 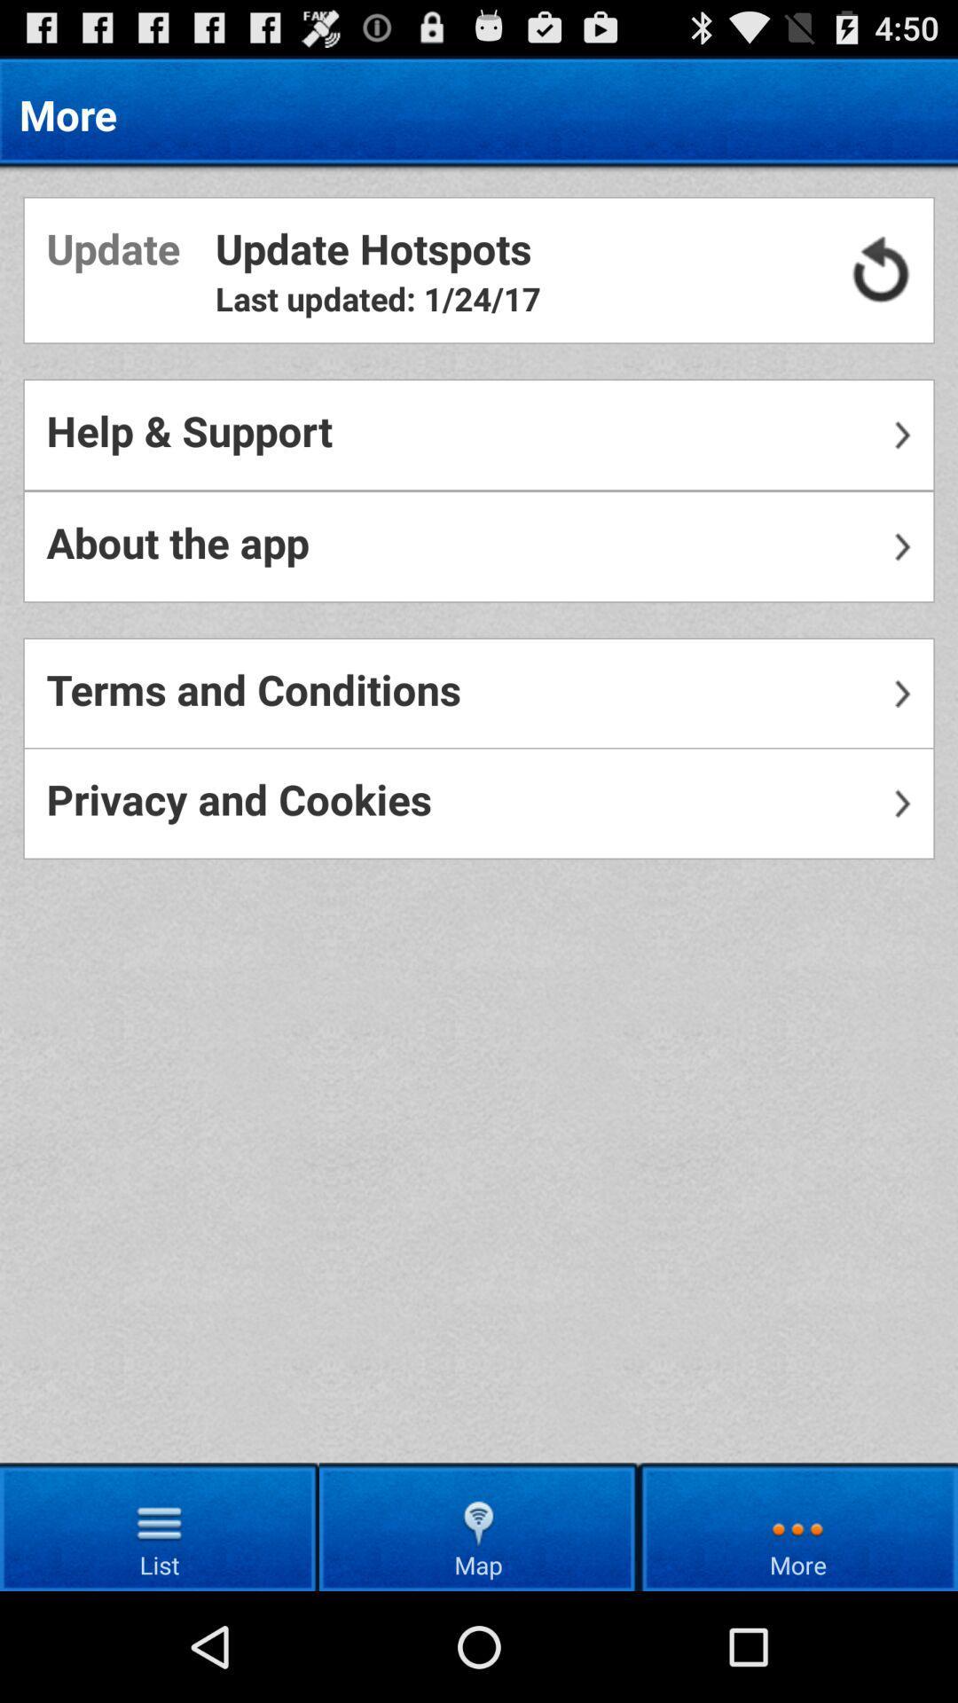 What do you see at coordinates (479, 693) in the screenshot?
I see `icon below the about the app` at bounding box center [479, 693].